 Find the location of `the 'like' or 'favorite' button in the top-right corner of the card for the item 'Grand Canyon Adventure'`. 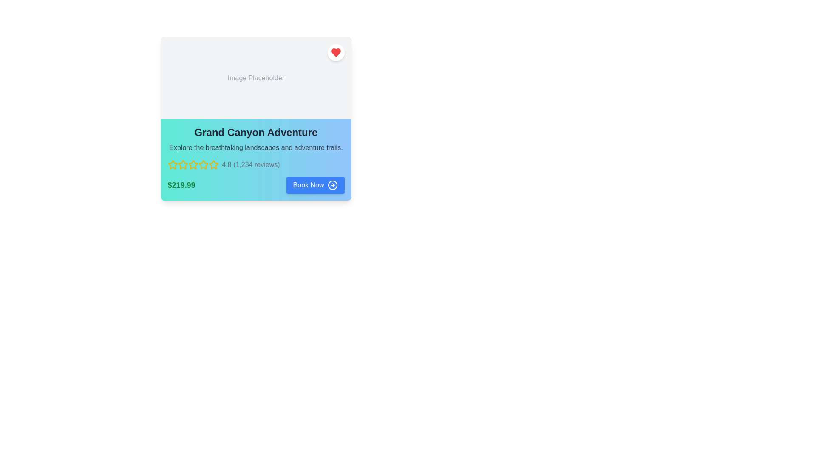

the 'like' or 'favorite' button in the top-right corner of the card for the item 'Grand Canyon Adventure' is located at coordinates (335, 52).